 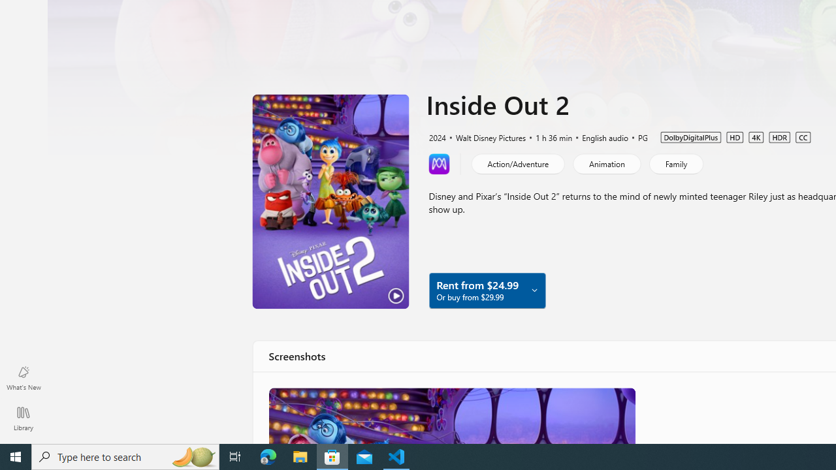 What do you see at coordinates (486, 289) in the screenshot?
I see `'Rent from $24.99 Or buy from $29.99'` at bounding box center [486, 289].